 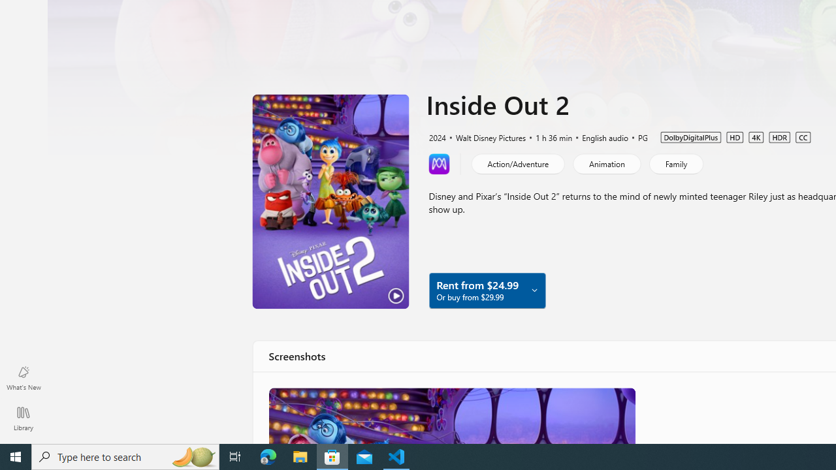 What do you see at coordinates (486, 289) in the screenshot?
I see `'Rent from $24.99 Or buy from $29.99'` at bounding box center [486, 289].